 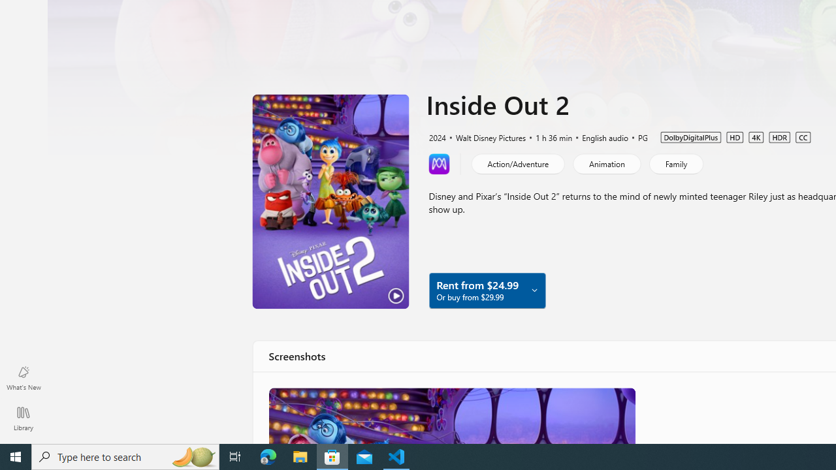 What do you see at coordinates (486, 289) in the screenshot?
I see `'Rent from $24.99 Or buy from $29.99'` at bounding box center [486, 289].